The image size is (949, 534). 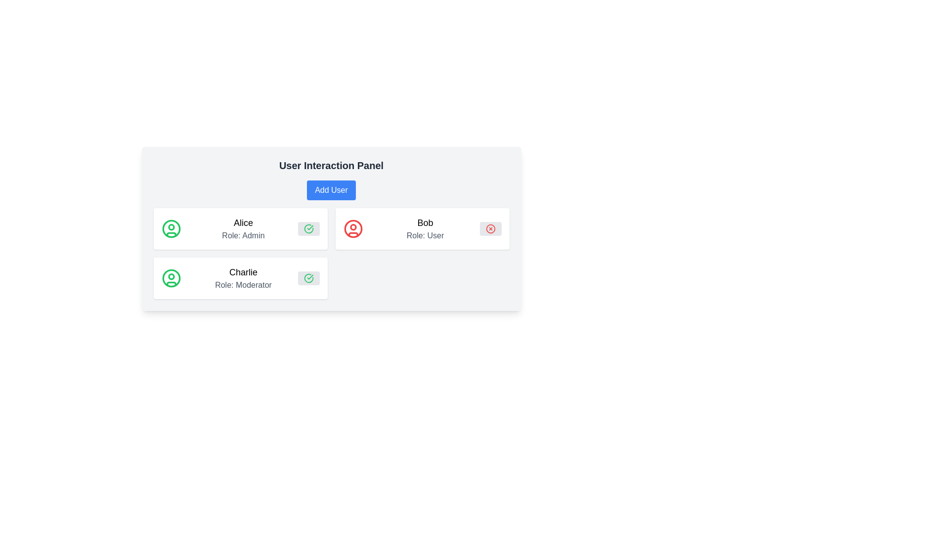 What do you see at coordinates (171, 228) in the screenshot?
I see `the circular component within Alice's profile icon in the User Interaction Panel, which is styled in green and represents the admin role` at bounding box center [171, 228].